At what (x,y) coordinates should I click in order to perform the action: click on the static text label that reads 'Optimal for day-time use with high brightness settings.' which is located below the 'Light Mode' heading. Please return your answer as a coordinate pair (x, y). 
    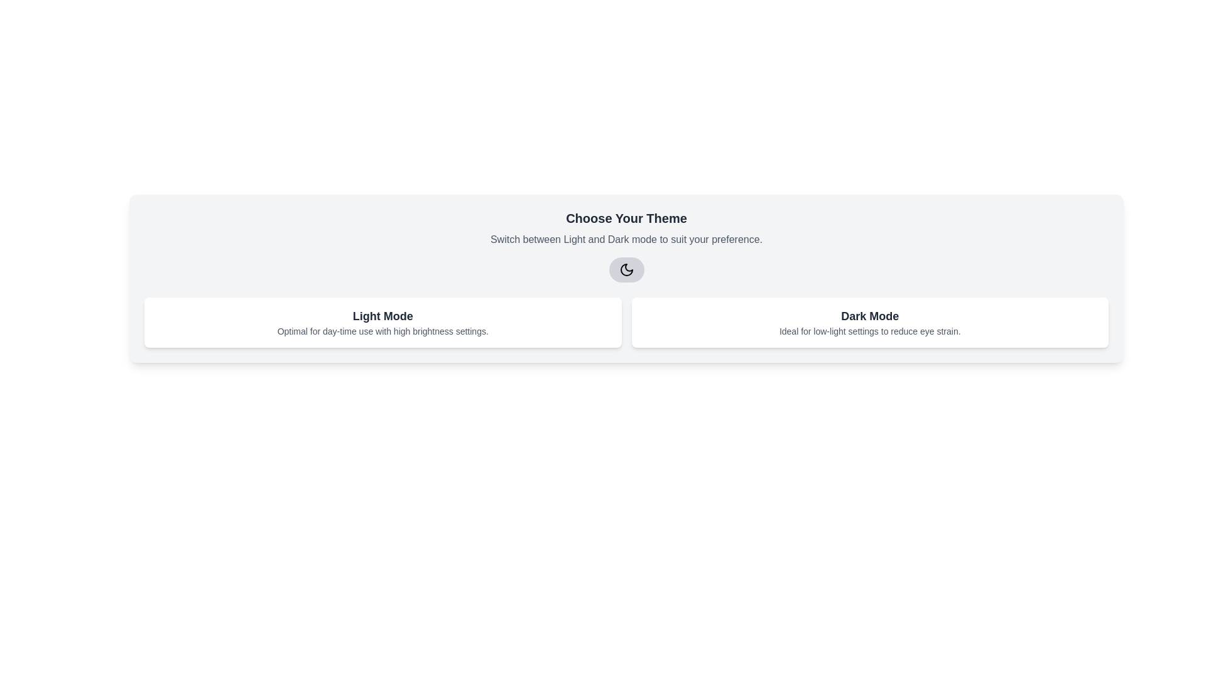
    Looking at the image, I should click on (382, 331).